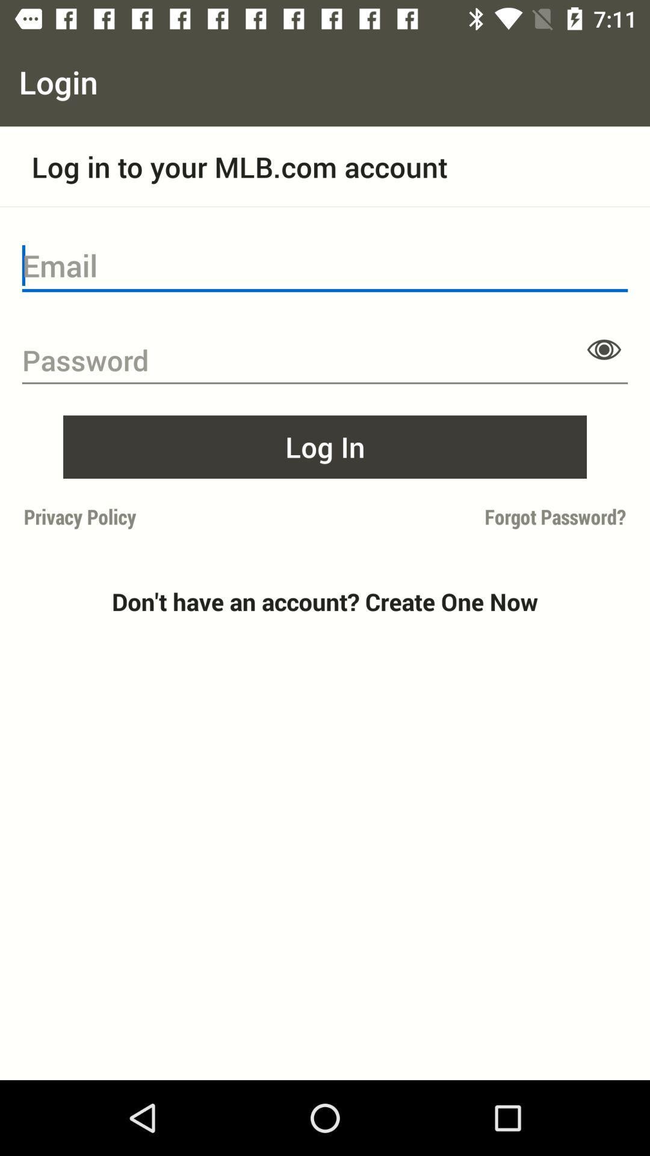 This screenshot has width=650, height=1156. What do you see at coordinates (478, 517) in the screenshot?
I see `forgot password? item` at bounding box center [478, 517].